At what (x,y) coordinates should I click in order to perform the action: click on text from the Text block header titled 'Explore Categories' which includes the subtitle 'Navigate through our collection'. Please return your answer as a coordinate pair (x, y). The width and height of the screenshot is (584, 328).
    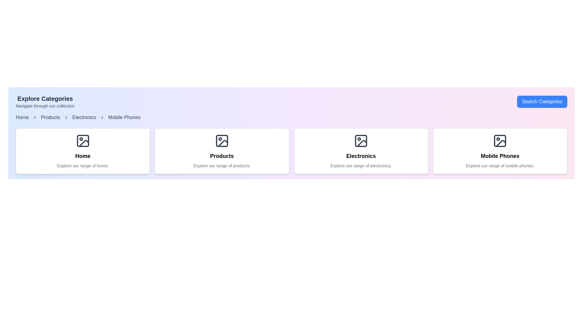
    Looking at the image, I should click on (45, 101).